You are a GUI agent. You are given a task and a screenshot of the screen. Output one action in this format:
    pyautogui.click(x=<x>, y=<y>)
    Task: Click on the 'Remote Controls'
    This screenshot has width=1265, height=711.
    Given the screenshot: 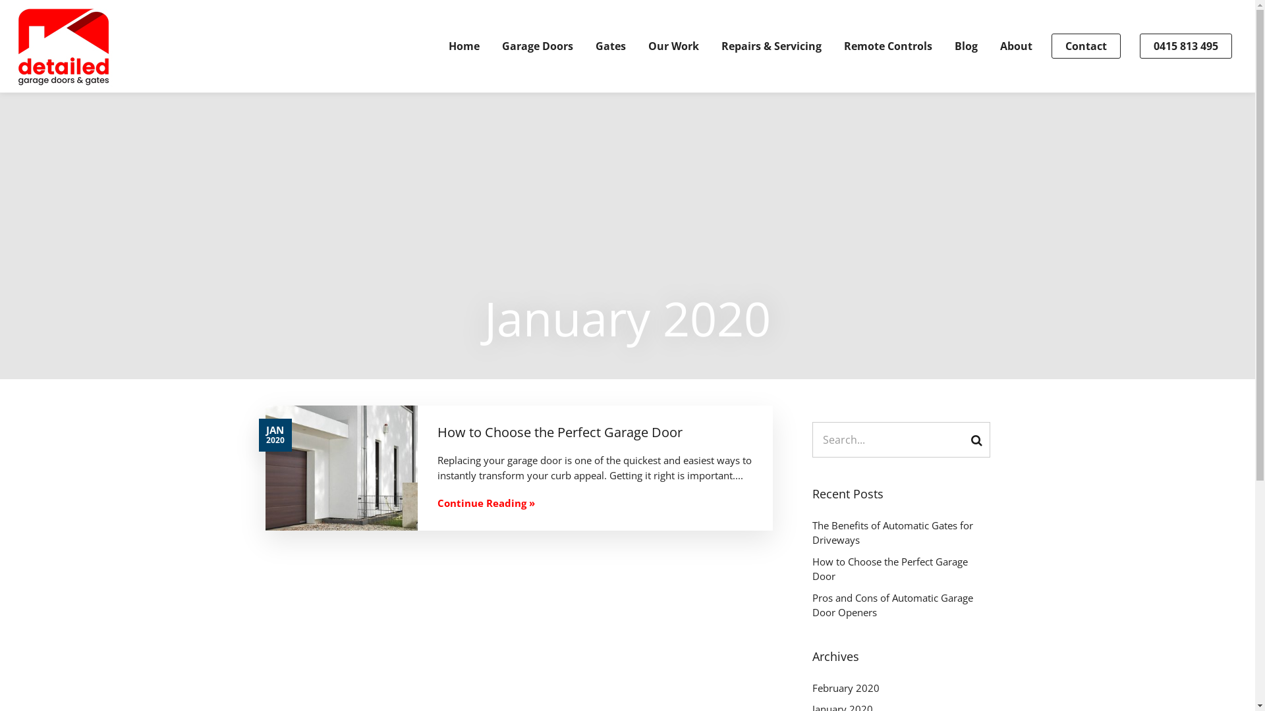 What is the action you would take?
    pyautogui.click(x=888, y=45)
    